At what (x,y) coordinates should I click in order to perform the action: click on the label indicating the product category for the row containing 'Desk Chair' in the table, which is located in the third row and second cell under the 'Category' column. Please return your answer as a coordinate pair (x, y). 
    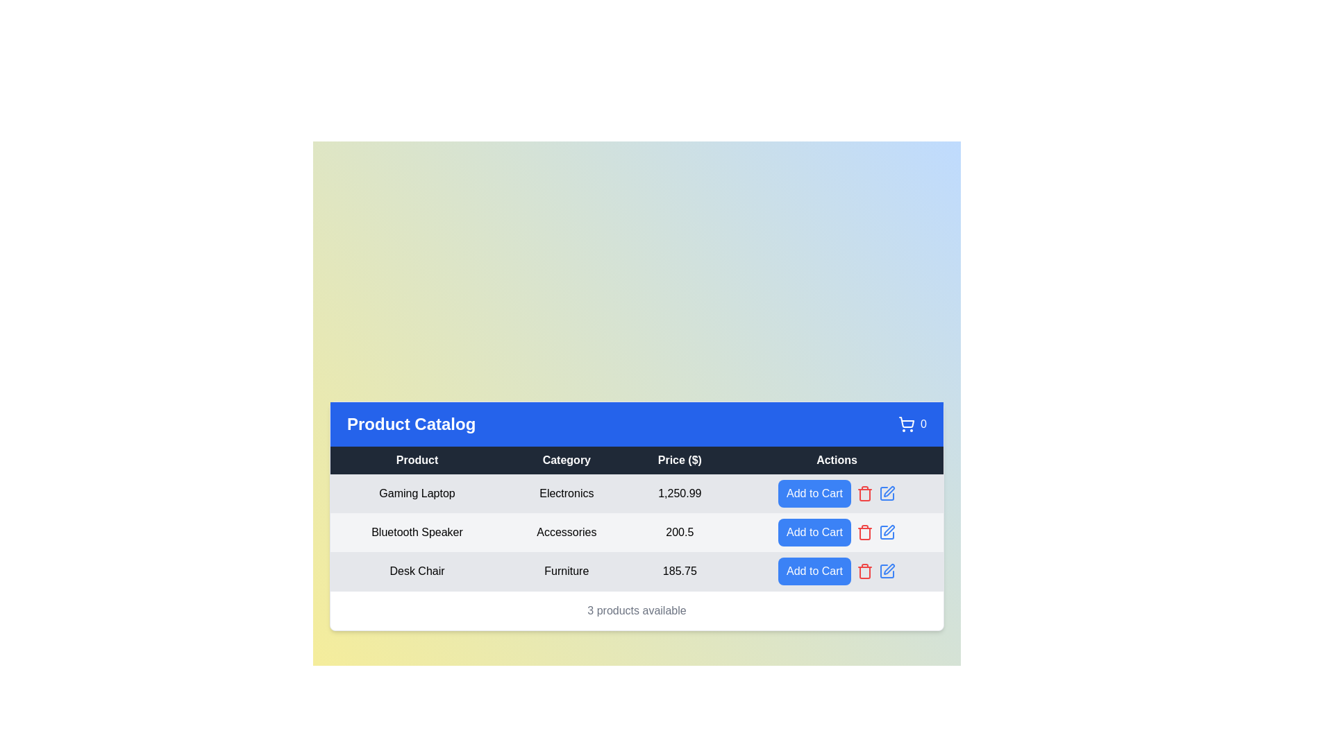
    Looking at the image, I should click on (567, 571).